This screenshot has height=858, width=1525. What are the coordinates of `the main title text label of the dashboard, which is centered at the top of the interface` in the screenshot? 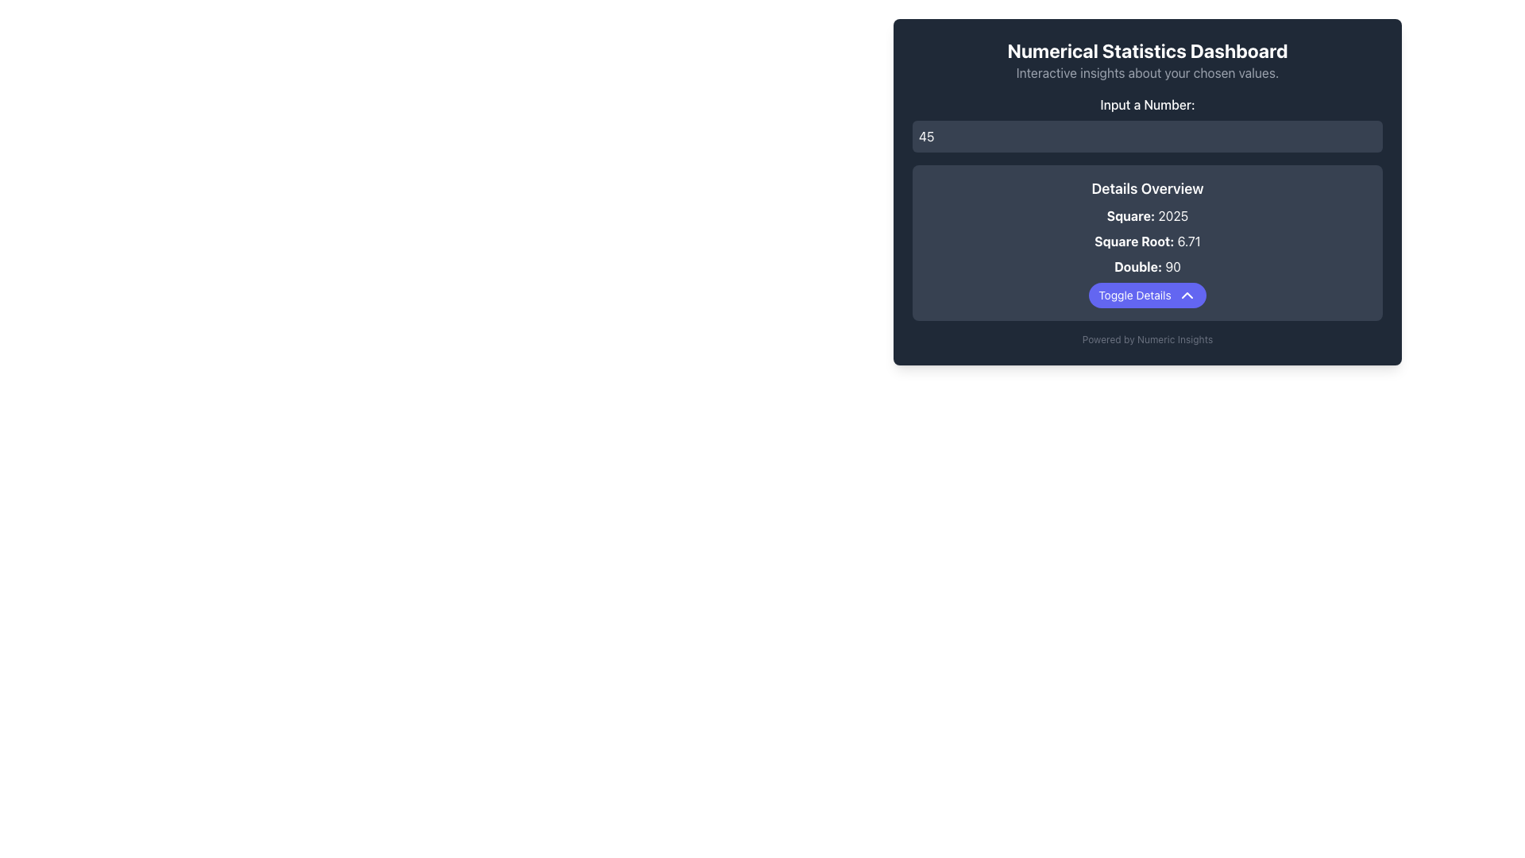 It's located at (1147, 50).